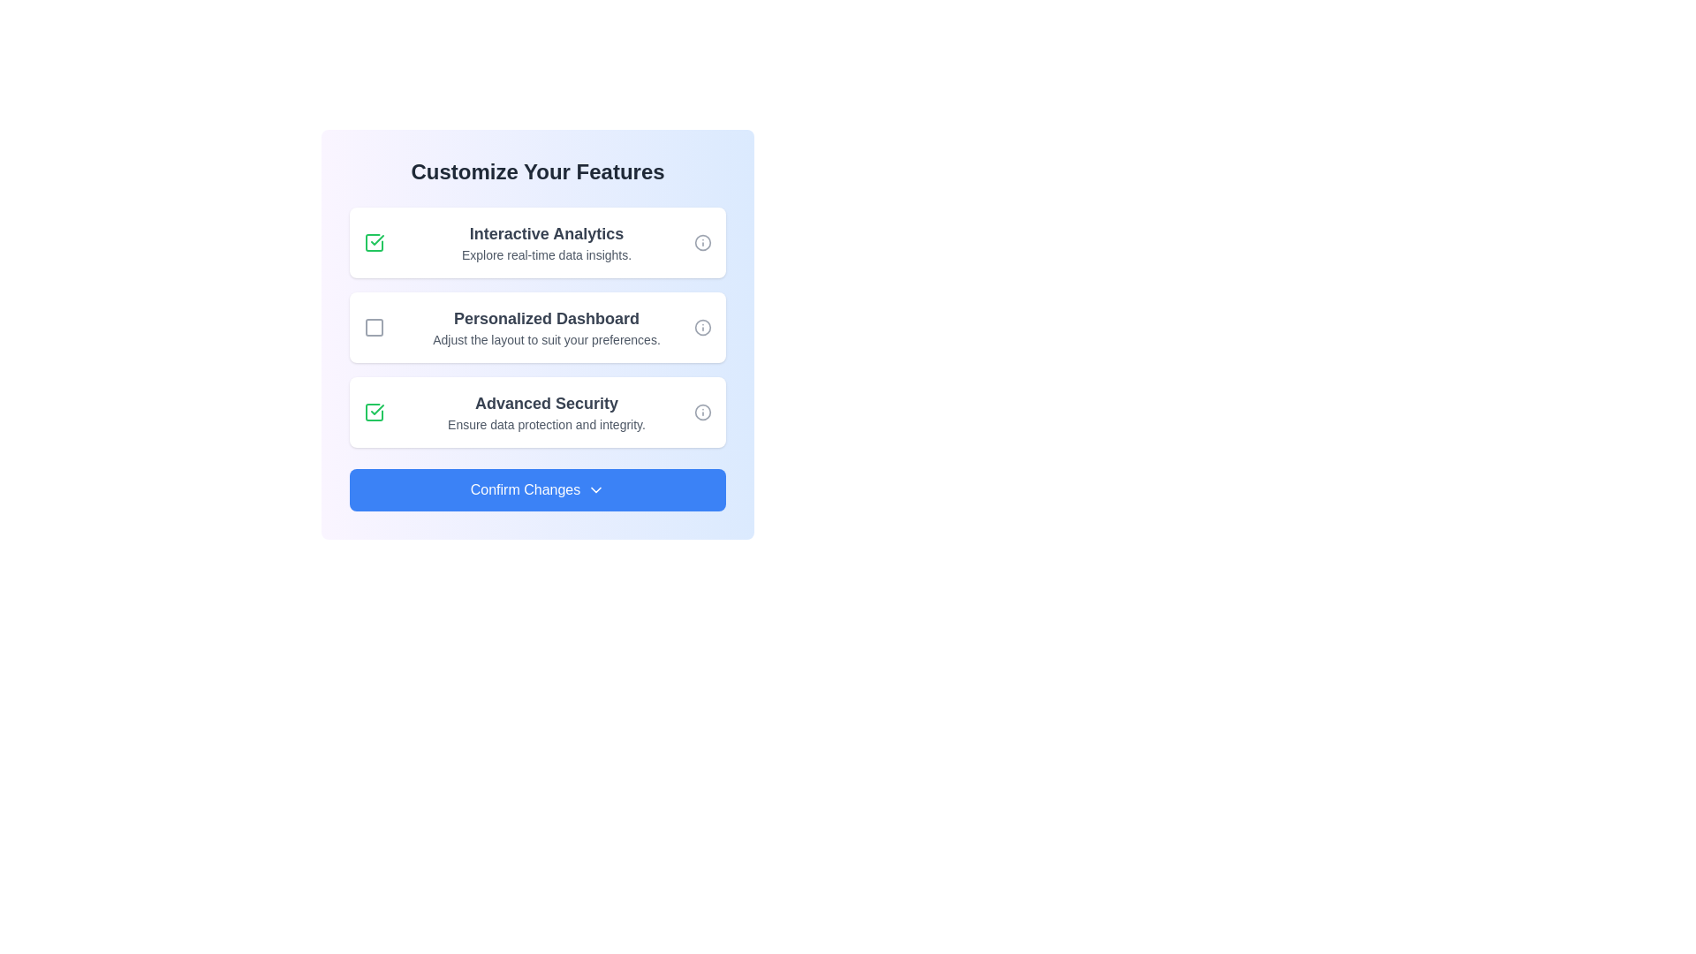 This screenshot has height=954, width=1696. Describe the element at coordinates (537, 334) in the screenshot. I see `the labels of the composite UI component that allows users to customize their preferences, revealing additional information` at that location.